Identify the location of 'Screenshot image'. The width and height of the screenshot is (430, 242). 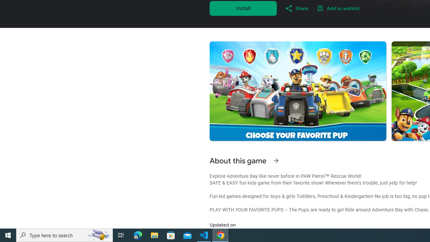
(297, 91).